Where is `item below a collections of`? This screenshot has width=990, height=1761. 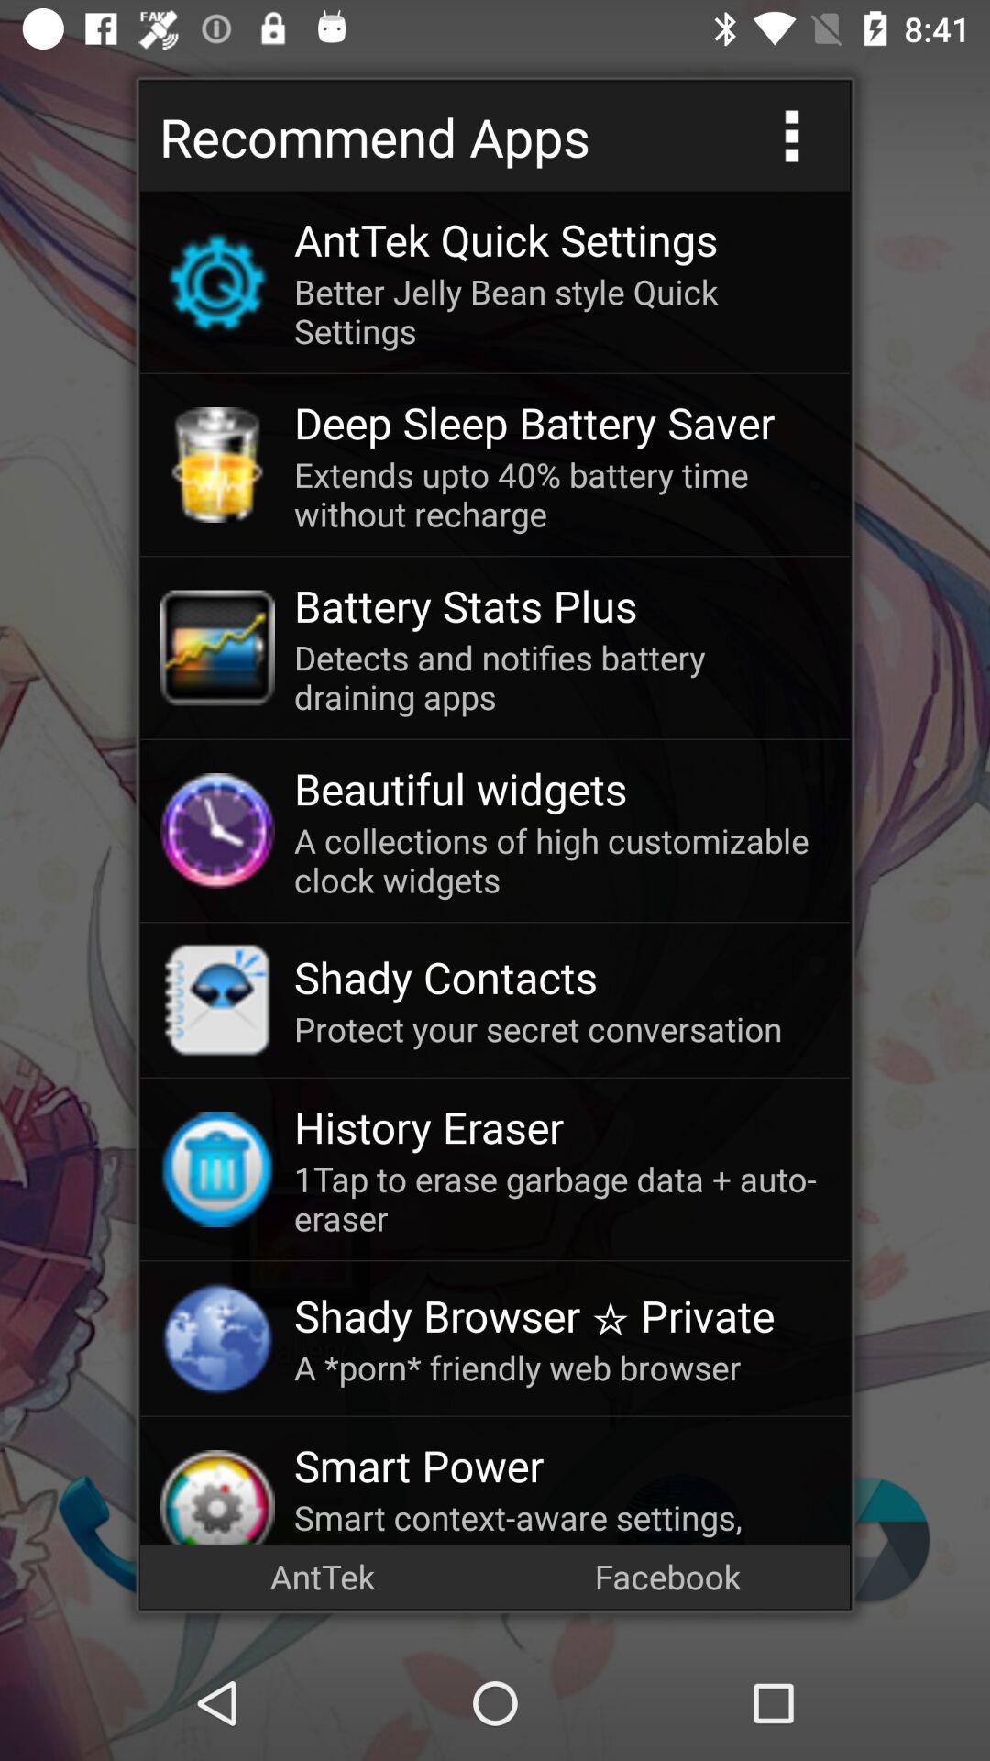
item below a collections of is located at coordinates (561, 976).